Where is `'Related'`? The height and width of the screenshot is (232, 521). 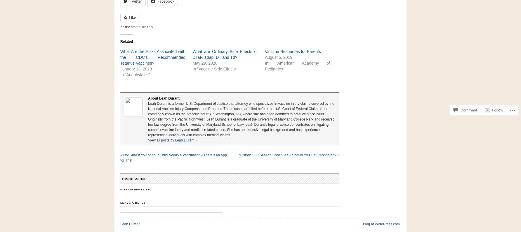 'Related' is located at coordinates (126, 41).